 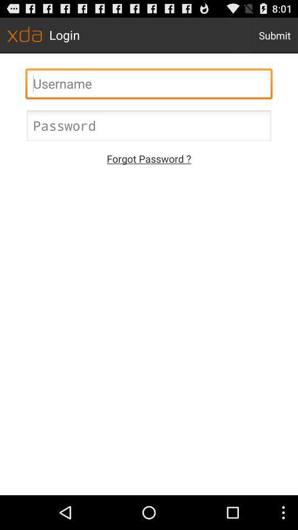 I want to click on app next to the login app, so click(x=274, y=35).